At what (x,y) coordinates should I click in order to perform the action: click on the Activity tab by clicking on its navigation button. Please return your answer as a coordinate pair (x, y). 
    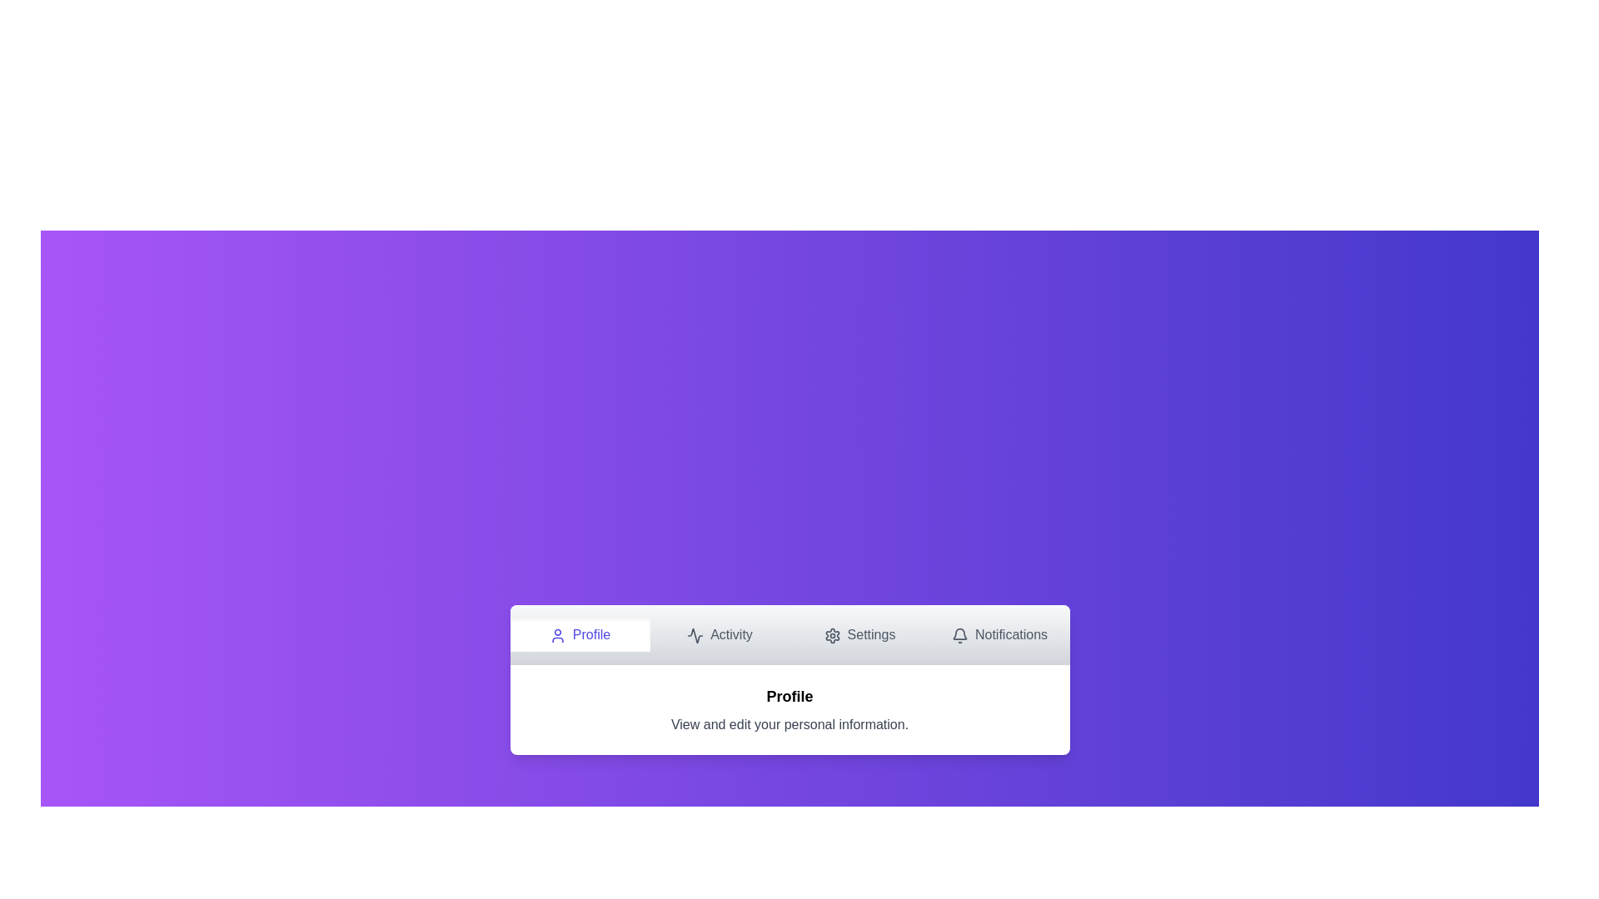
    Looking at the image, I should click on (720, 635).